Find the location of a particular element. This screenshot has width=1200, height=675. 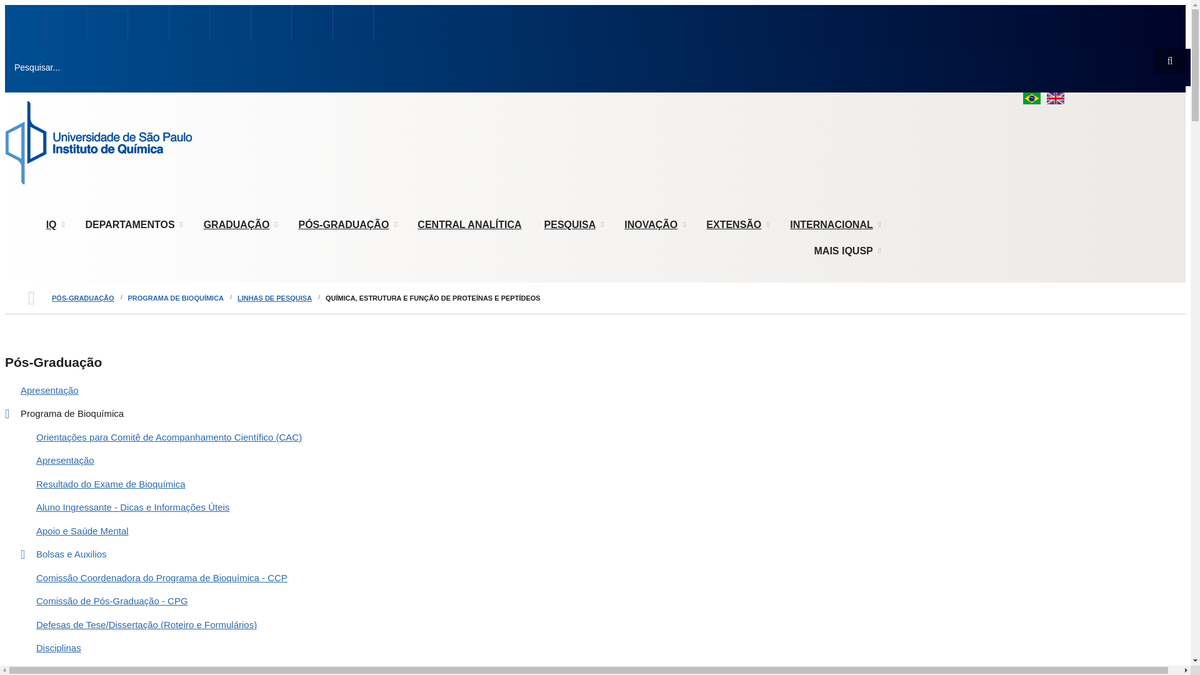

'Help Desk' is located at coordinates (229, 24).